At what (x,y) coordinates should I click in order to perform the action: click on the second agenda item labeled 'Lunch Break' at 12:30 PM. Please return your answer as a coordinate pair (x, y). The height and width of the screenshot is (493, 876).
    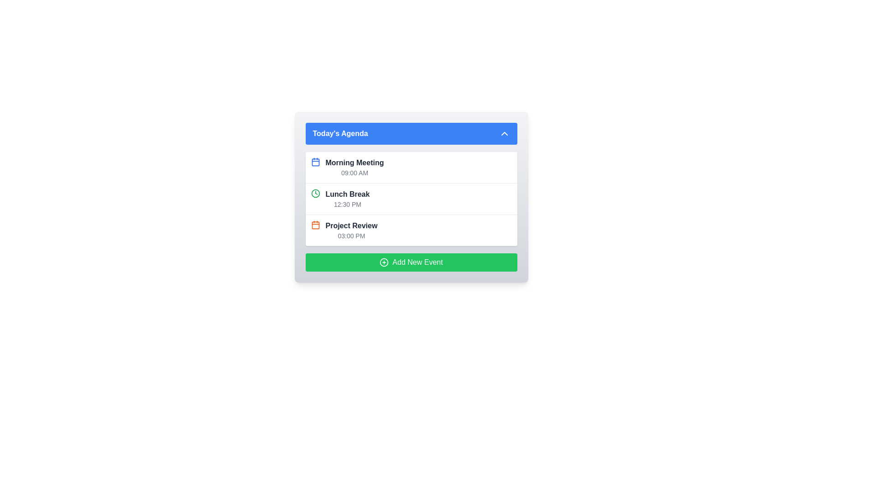
    Looking at the image, I should click on (411, 197).